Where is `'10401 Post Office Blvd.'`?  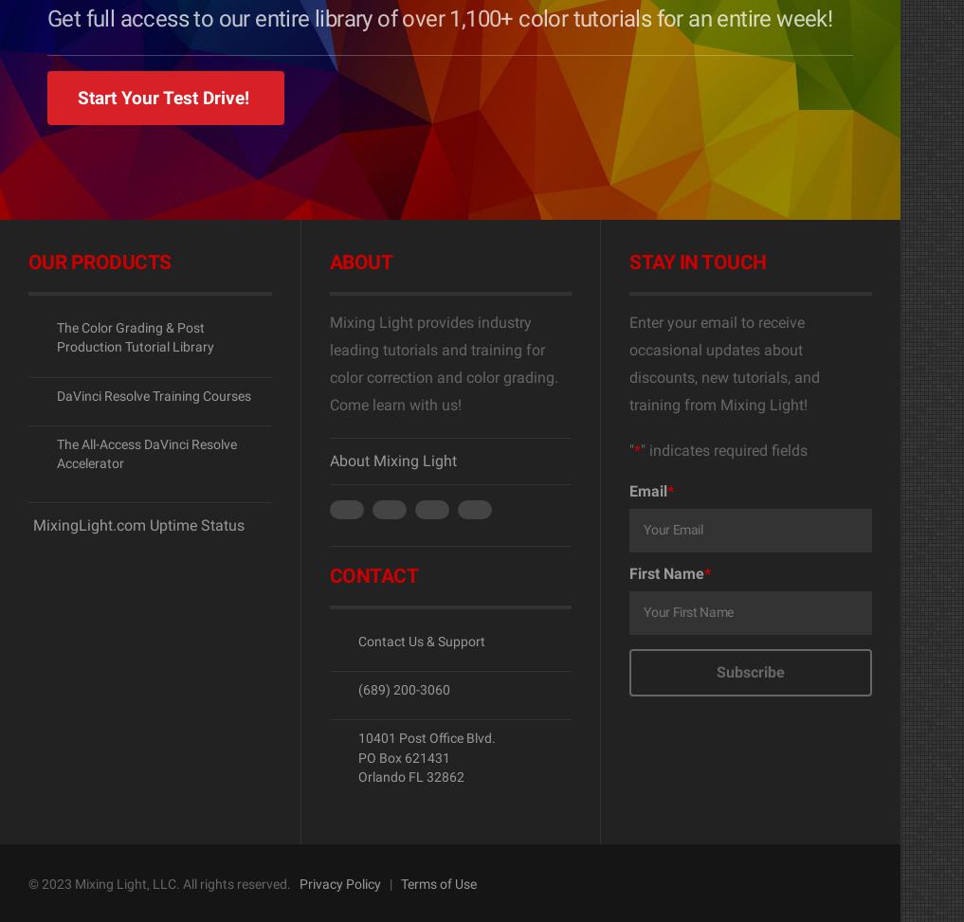 '10401 Post Office Blvd.' is located at coordinates (426, 737).